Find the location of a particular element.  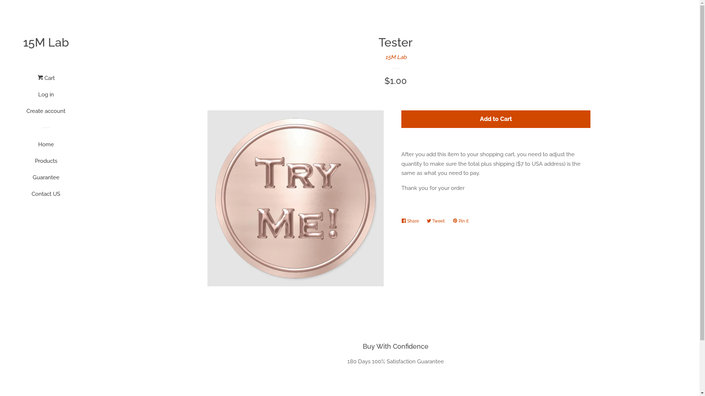

'Add to Cart' is located at coordinates (495, 119).